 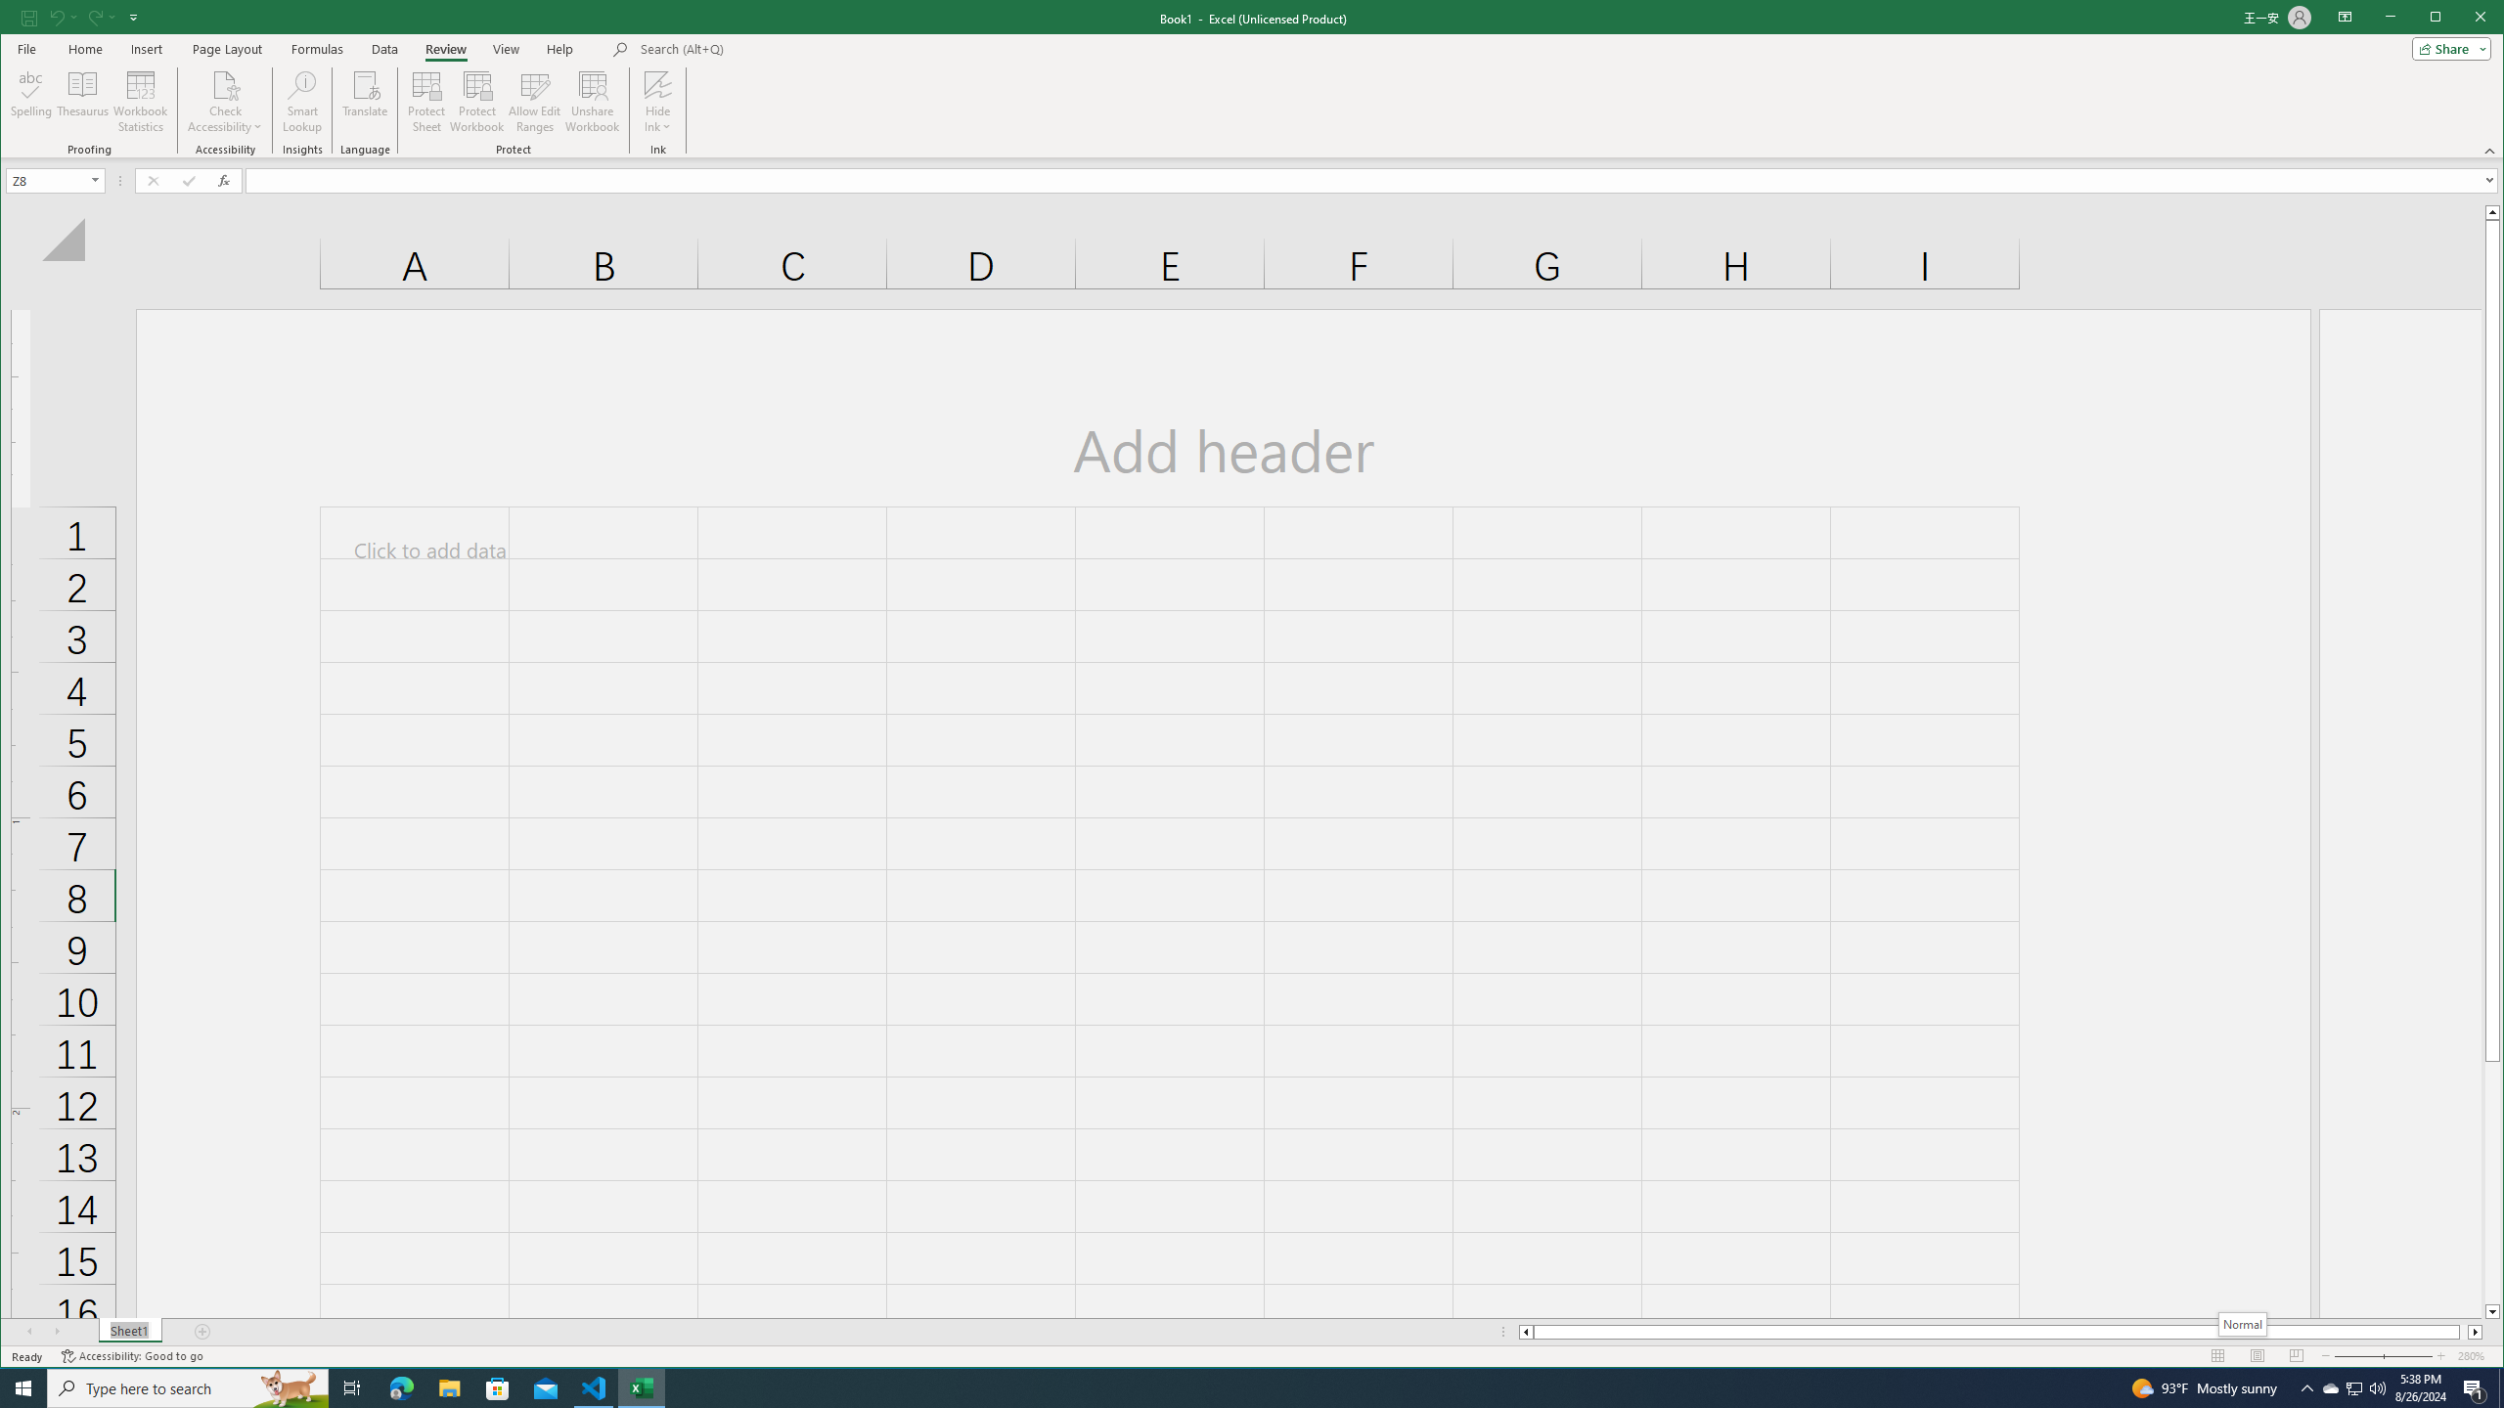 What do you see at coordinates (318, 48) in the screenshot?
I see `'Formulas'` at bounding box center [318, 48].